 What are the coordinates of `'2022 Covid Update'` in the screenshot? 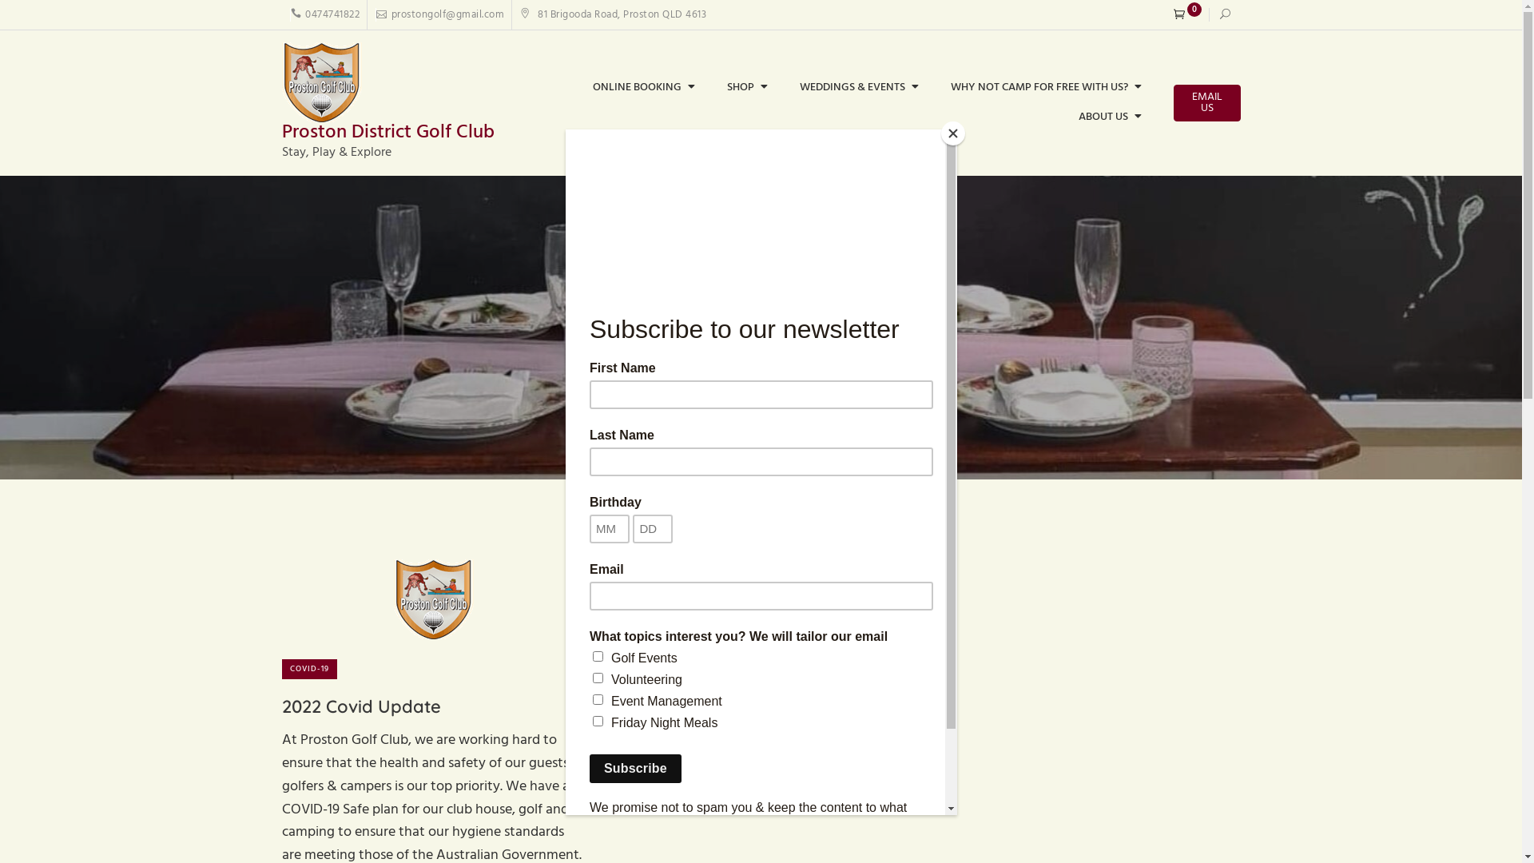 It's located at (360, 705).